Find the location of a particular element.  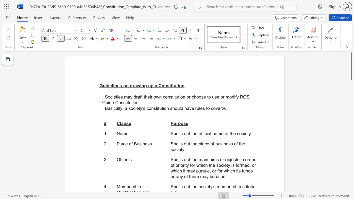

the scrollbar on the right to move the page downward is located at coordinates (351, 158).